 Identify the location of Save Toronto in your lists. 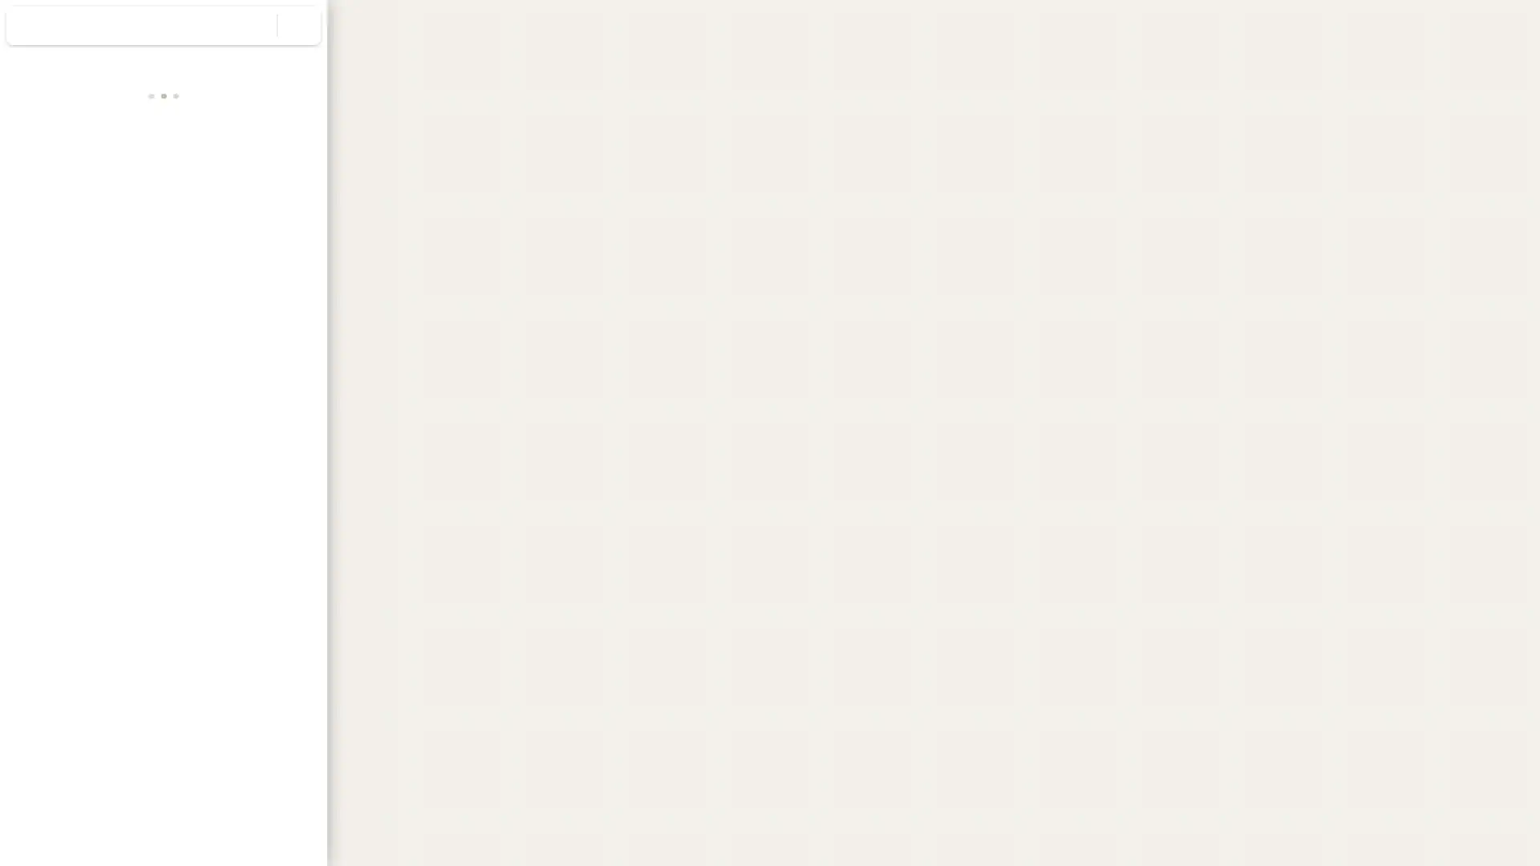
(103, 306).